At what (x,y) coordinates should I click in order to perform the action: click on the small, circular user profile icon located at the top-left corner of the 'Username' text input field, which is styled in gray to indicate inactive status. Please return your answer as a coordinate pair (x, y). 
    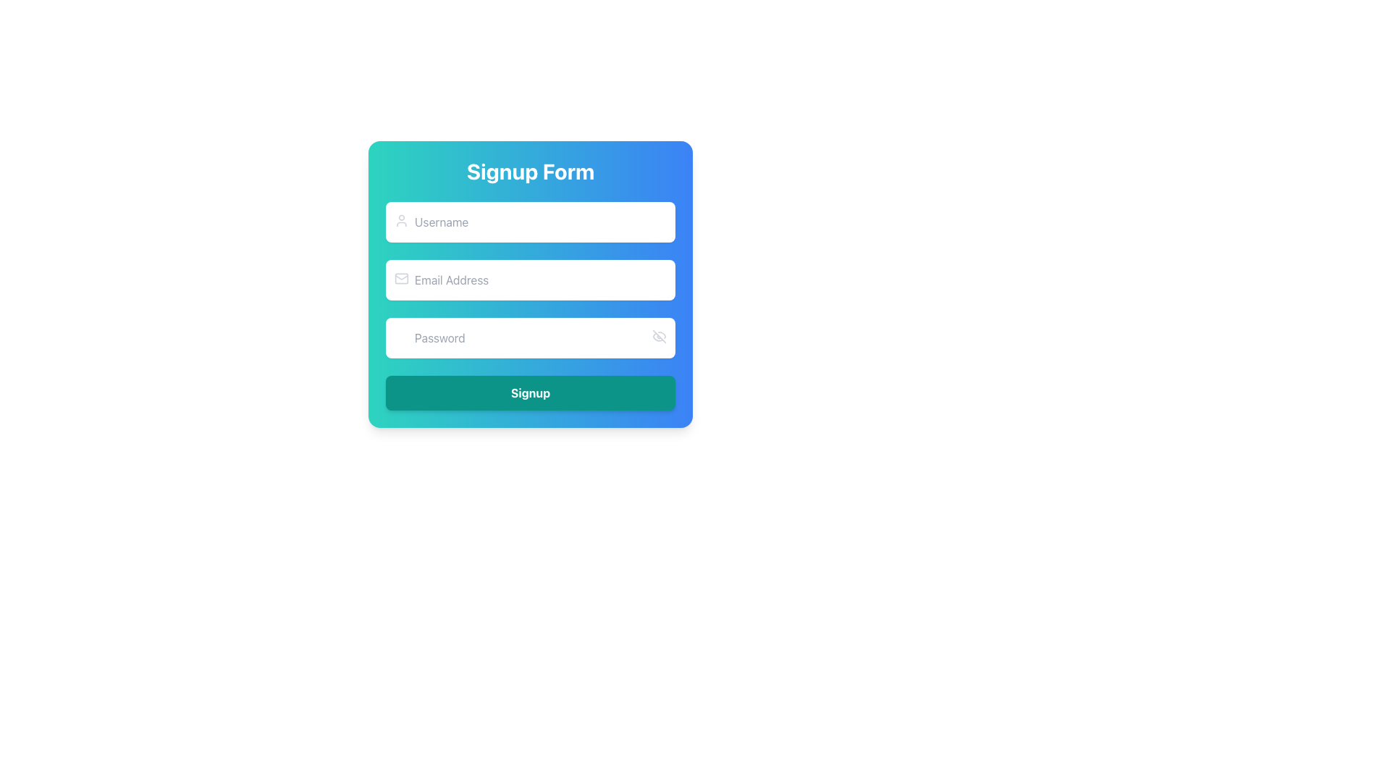
    Looking at the image, I should click on (402, 220).